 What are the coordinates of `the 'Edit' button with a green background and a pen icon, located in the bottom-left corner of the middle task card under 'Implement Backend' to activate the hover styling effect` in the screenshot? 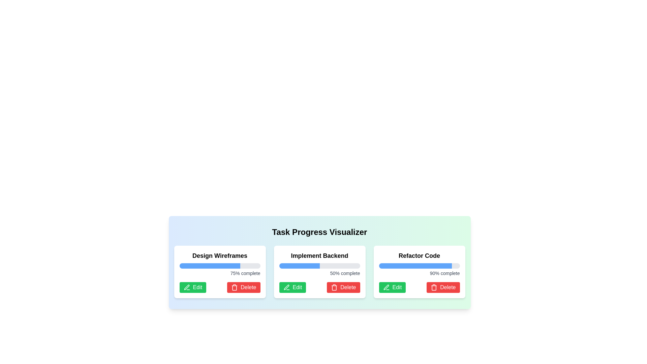 It's located at (292, 287).